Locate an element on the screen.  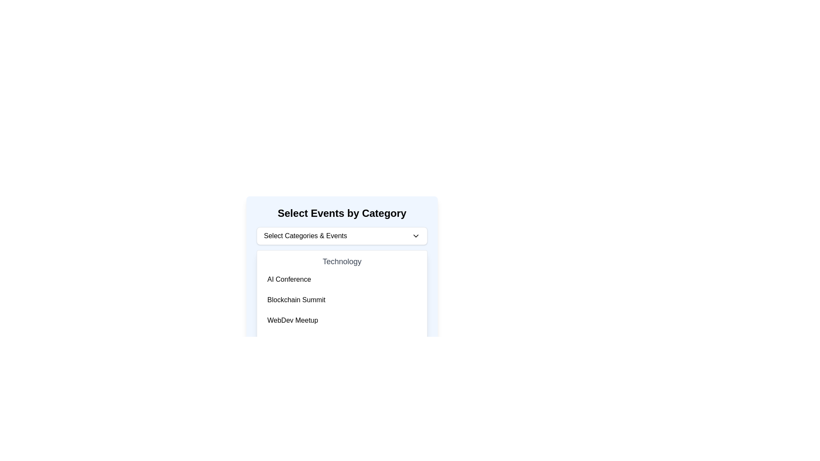
the dropdown menu button located at the top of the category selection panel is located at coordinates (342, 236).